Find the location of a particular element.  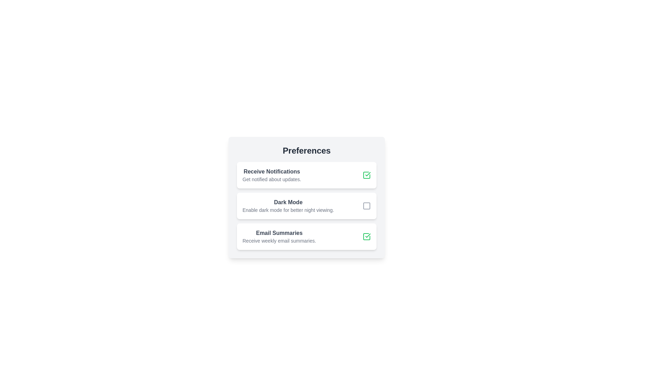

the 'Dark Mode' label and description text block, which is the second element in a vertically-stacked list within the 'Preferences' card, located below 'Receive Notifications' and above 'Email Summaries' is located at coordinates (288, 206).